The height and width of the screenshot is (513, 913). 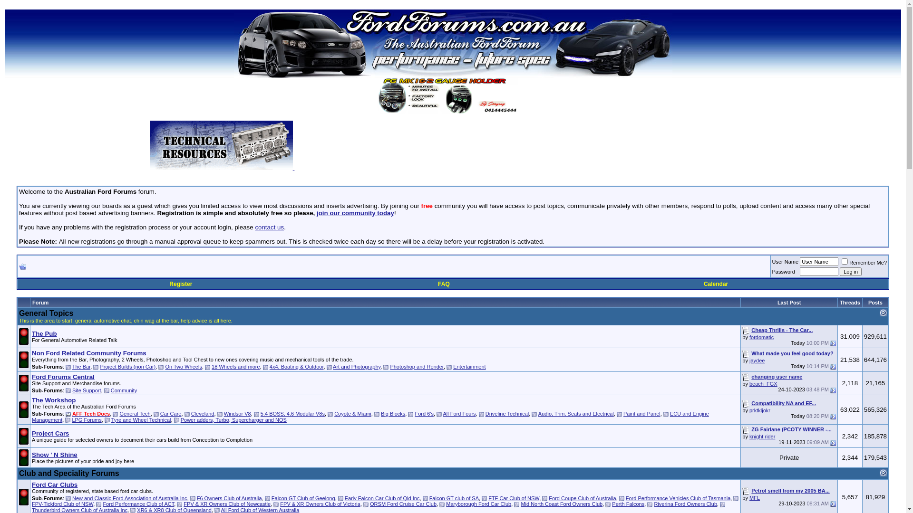 What do you see at coordinates (469, 366) in the screenshot?
I see `'Entertainment'` at bounding box center [469, 366].